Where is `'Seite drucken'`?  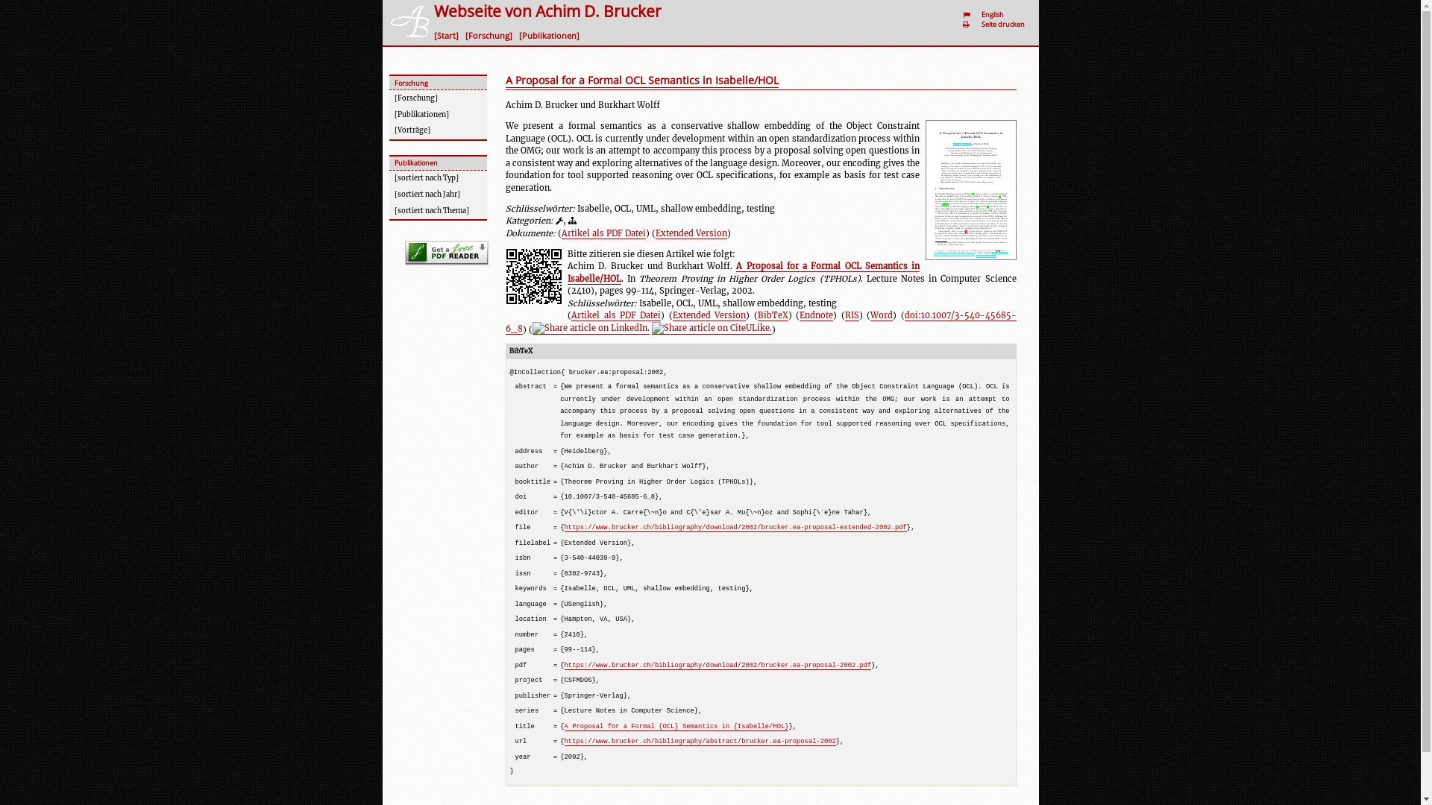
'Seite drucken' is located at coordinates (1005, 24).